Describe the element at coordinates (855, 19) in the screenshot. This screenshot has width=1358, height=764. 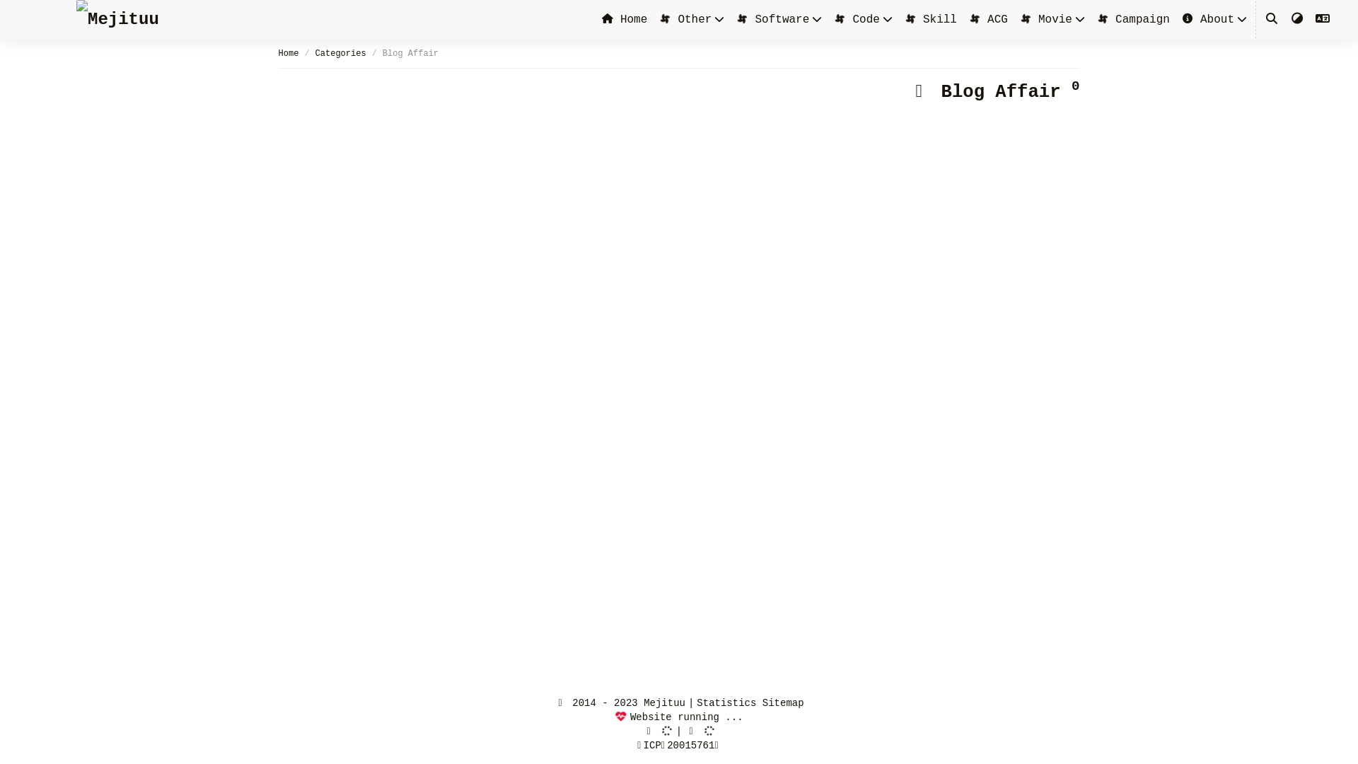
I see `'Code'` at that location.